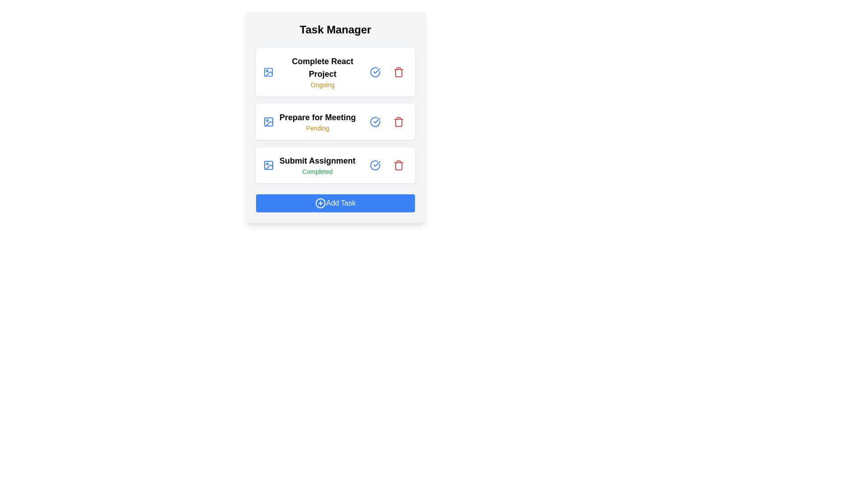 The height and width of the screenshot is (488, 867). I want to click on 'Check Circle' button for the task with title Prepare for Meeting, so click(375, 122).